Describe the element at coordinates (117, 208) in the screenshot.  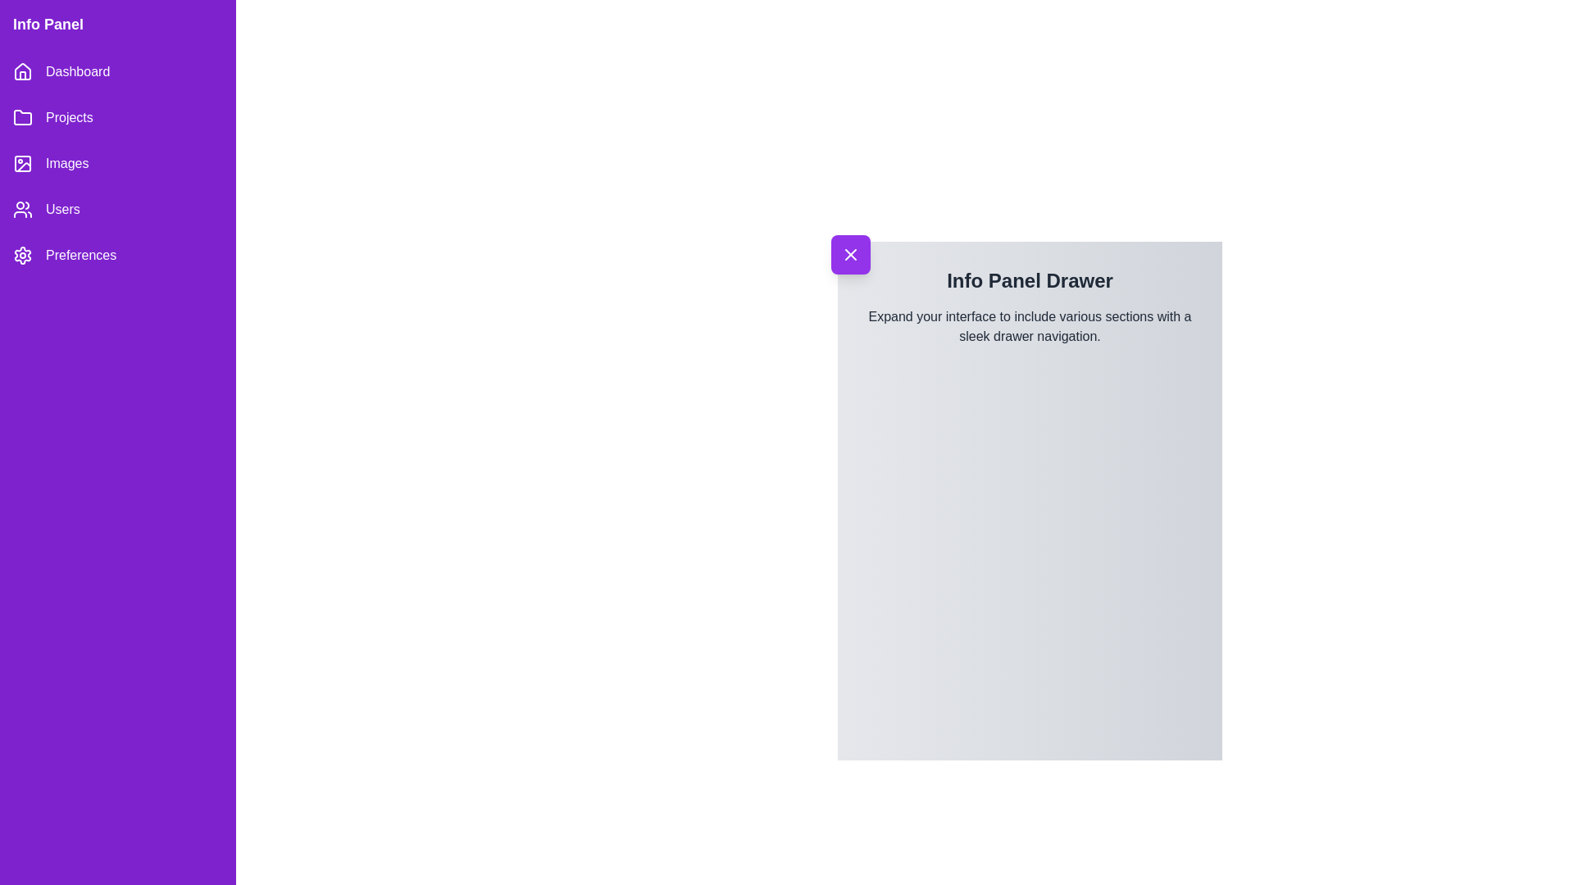
I see `the menu item Users to navigate` at that location.